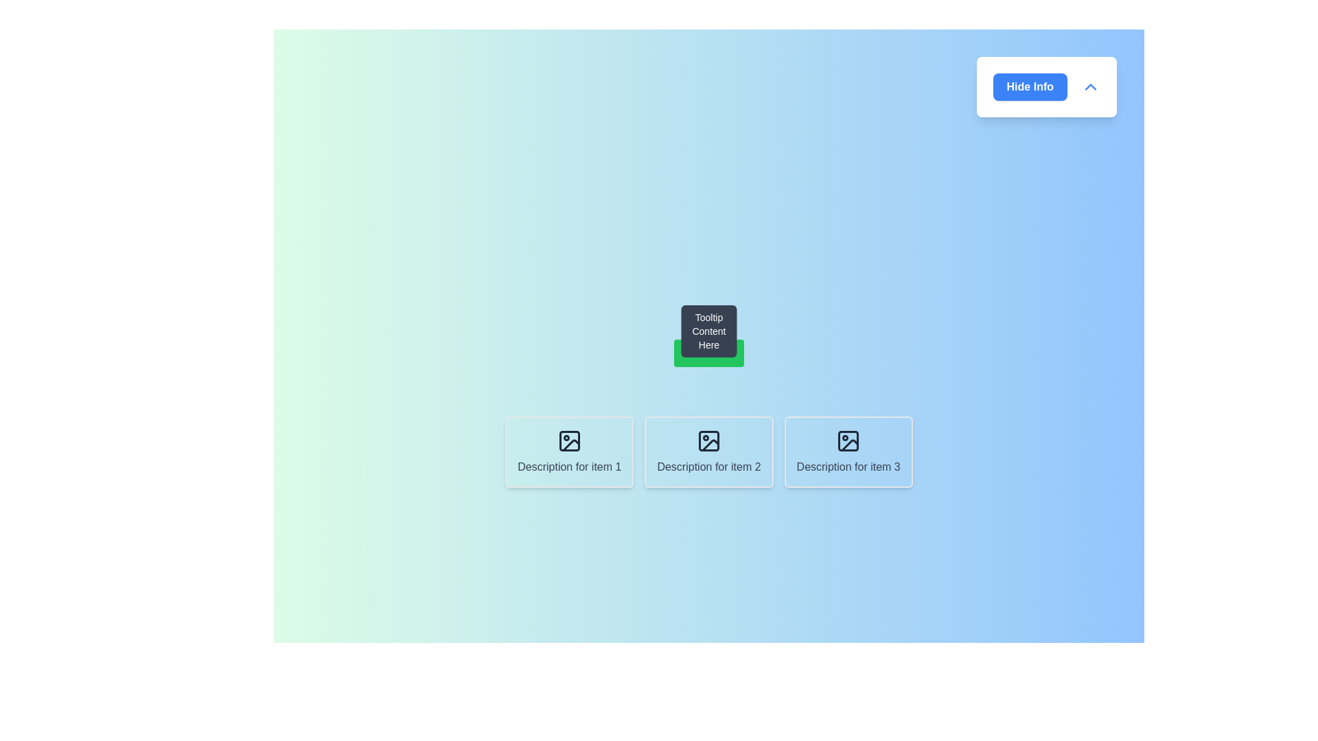  Describe the element at coordinates (569, 441) in the screenshot. I see `the SVG icon representing an image symbol, located in the first card above the label 'Description for item 1'` at that location.